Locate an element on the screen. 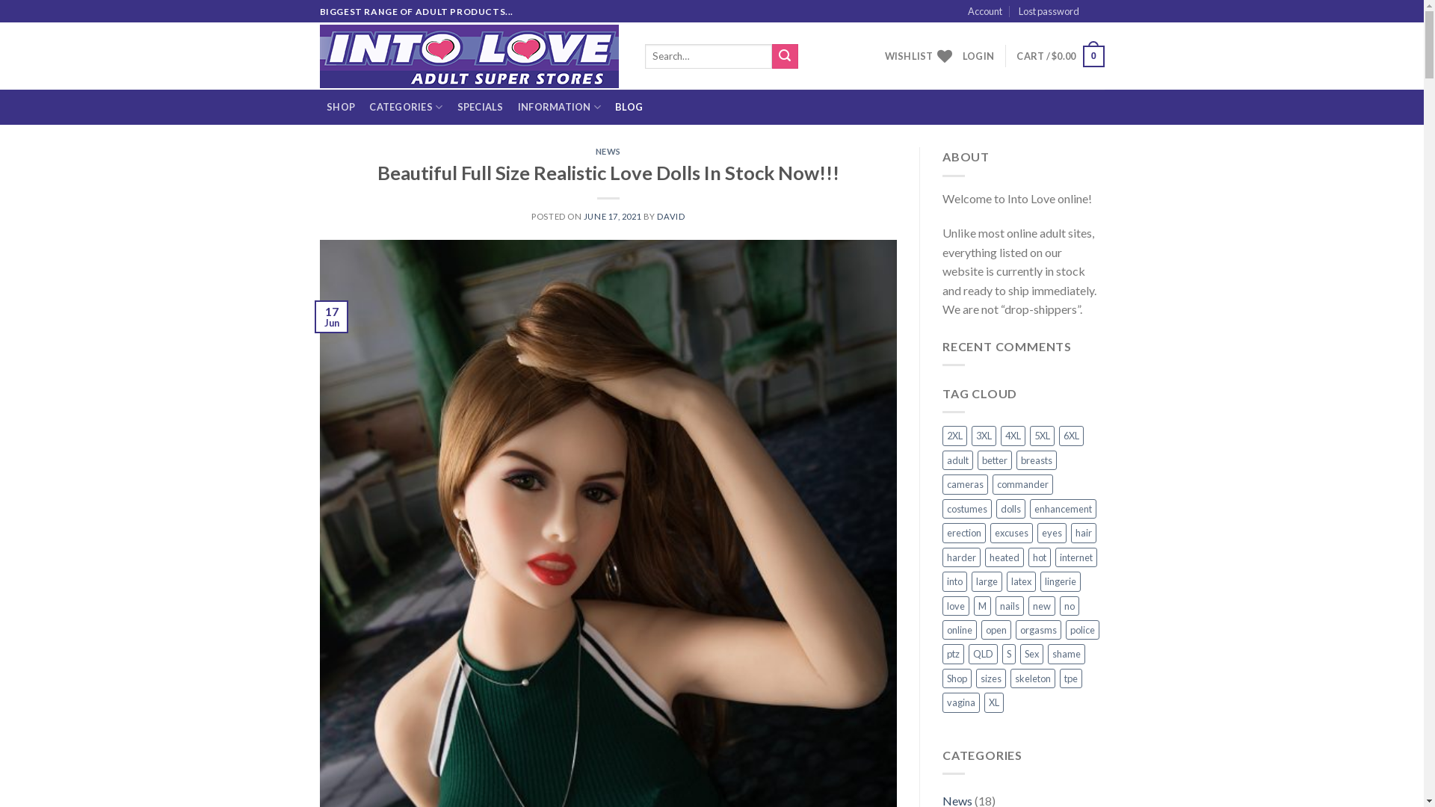  'online' is located at coordinates (959, 630).